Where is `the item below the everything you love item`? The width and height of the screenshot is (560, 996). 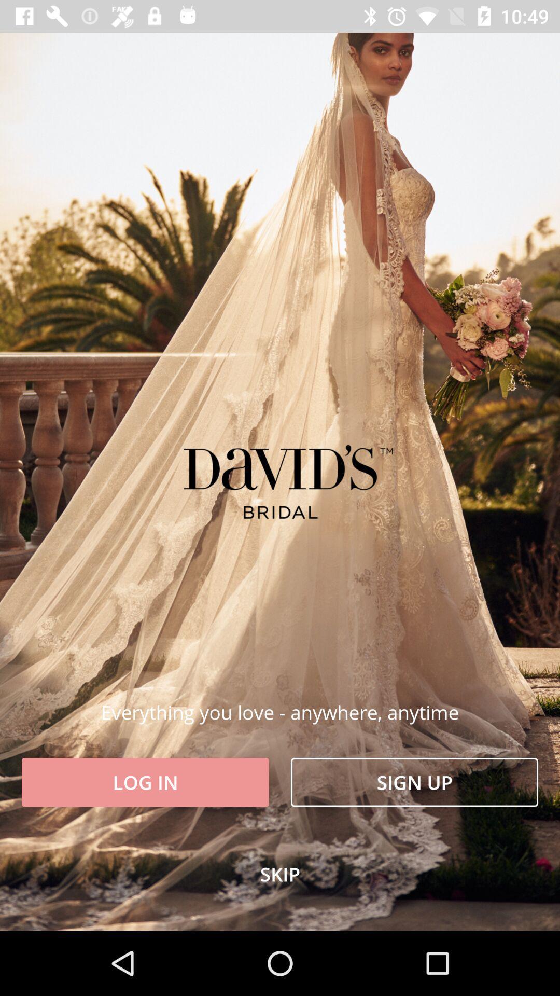
the item below the everything you love item is located at coordinates (145, 782).